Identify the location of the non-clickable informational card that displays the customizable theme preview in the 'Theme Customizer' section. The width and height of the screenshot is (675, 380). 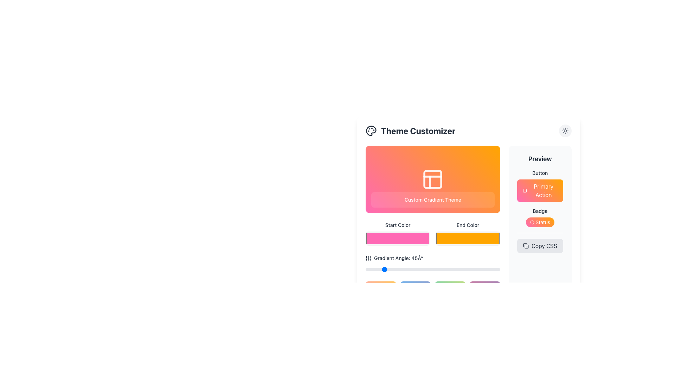
(432, 179).